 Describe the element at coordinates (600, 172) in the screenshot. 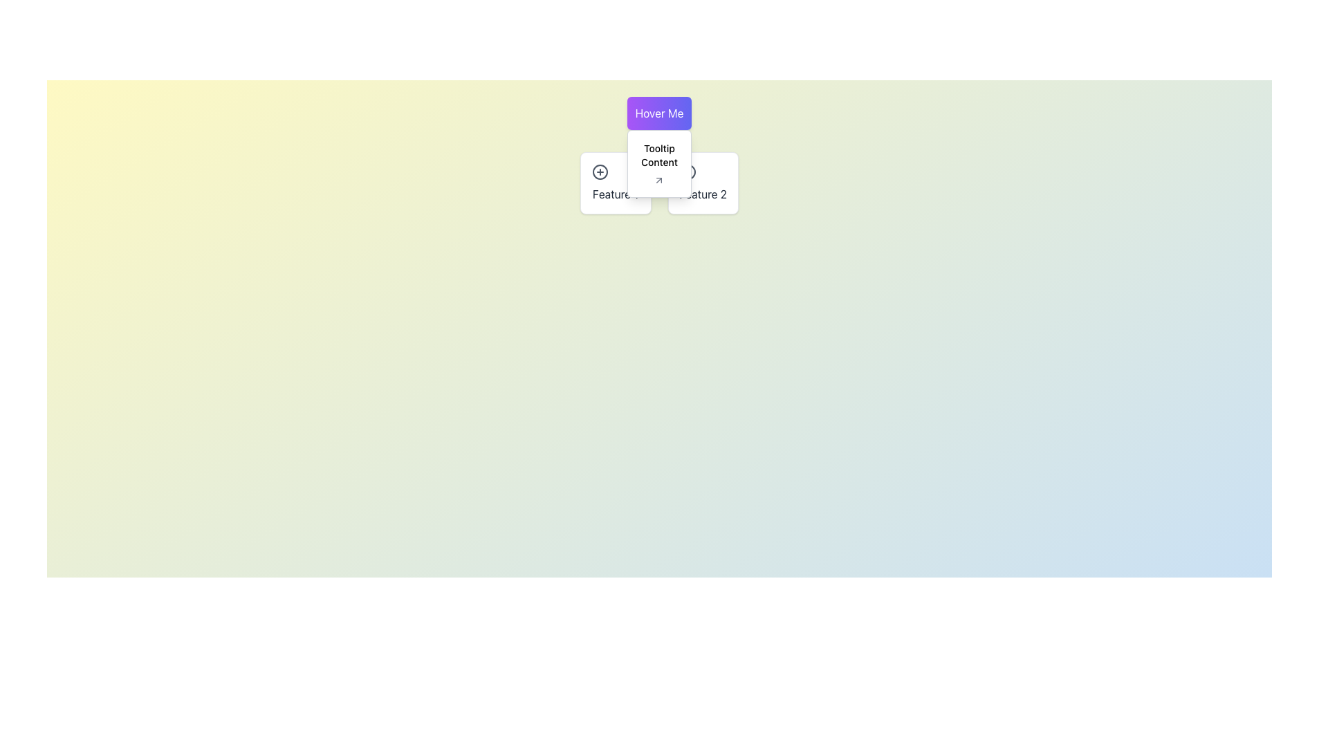

I see `the circular element styled with a thin stroke located at the center of an SVG group, positioned slightly to the right within the highlighted area of the interface` at that location.